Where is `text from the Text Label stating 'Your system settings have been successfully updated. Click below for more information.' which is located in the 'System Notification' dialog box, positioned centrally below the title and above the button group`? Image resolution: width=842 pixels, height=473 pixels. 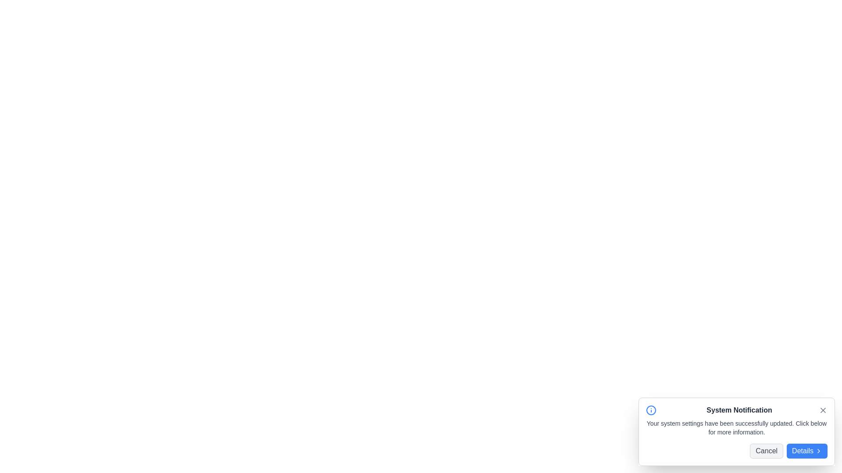
text from the Text Label stating 'Your system settings have been successfully updated. Click below for more information.' which is located in the 'System Notification' dialog box, positioned centrally below the title and above the button group is located at coordinates (737, 427).